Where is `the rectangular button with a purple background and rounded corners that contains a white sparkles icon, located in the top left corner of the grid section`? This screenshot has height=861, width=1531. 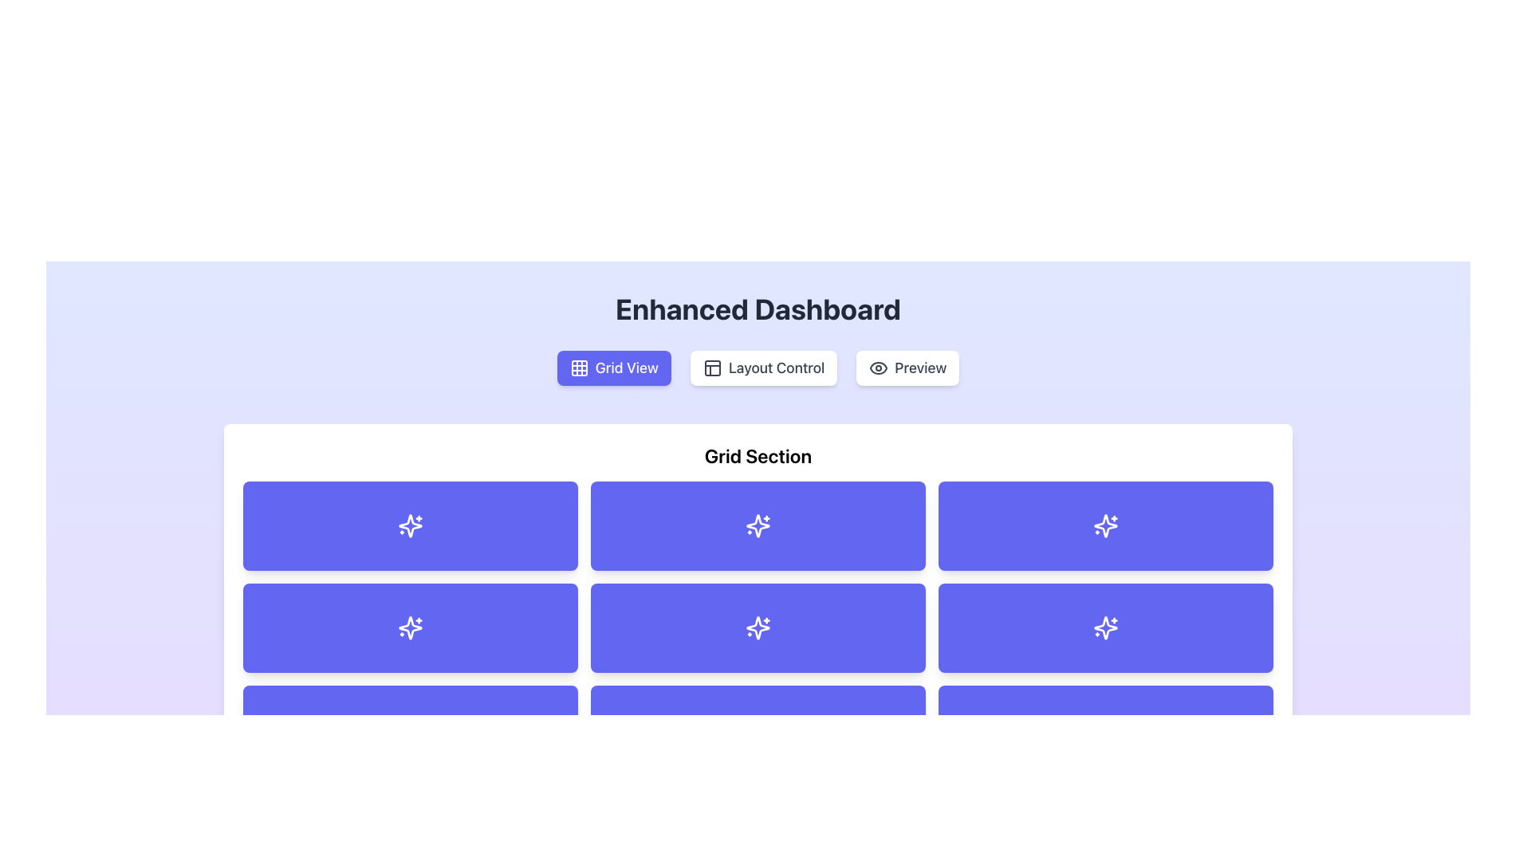
the rectangular button with a purple background and rounded corners that contains a white sparkles icon, located in the top left corner of the grid section is located at coordinates (411, 525).